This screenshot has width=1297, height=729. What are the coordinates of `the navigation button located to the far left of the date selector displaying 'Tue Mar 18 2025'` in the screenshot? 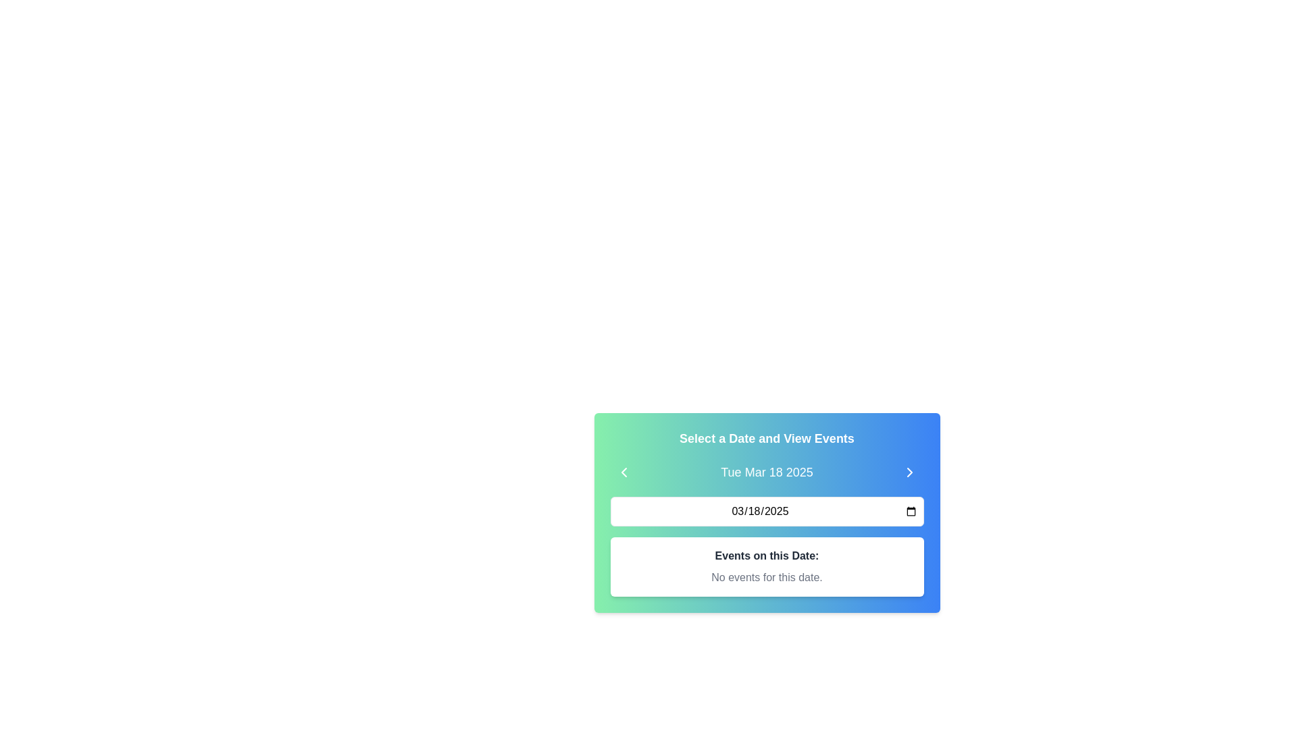 It's located at (623, 471).